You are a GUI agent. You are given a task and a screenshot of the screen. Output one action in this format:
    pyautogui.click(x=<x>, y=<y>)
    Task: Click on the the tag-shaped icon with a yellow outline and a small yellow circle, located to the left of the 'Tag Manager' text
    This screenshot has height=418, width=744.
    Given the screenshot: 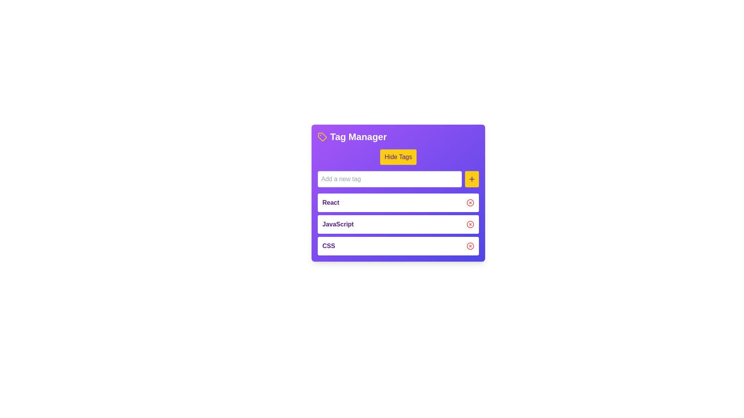 What is the action you would take?
    pyautogui.click(x=322, y=137)
    